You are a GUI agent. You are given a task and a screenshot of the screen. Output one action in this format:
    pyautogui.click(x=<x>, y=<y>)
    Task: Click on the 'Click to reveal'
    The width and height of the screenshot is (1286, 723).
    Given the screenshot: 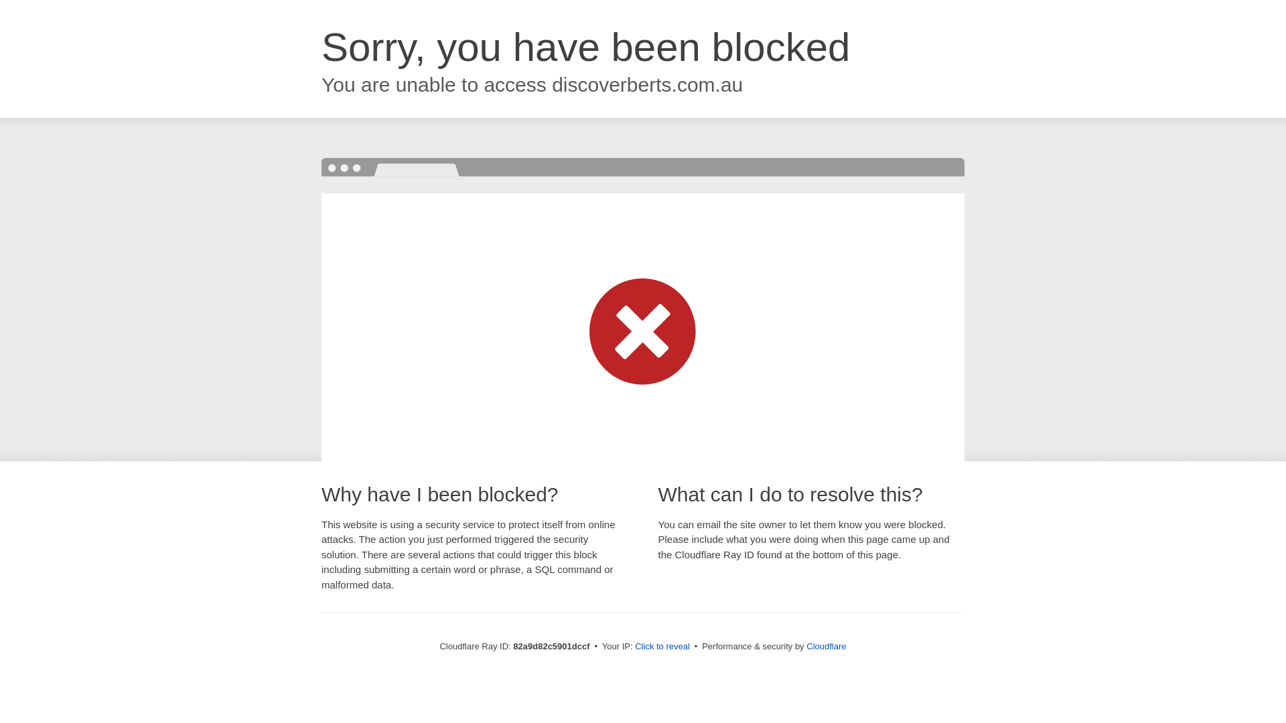 What is the action you would take?
    pyautogui.click(x=662, y=645)
    